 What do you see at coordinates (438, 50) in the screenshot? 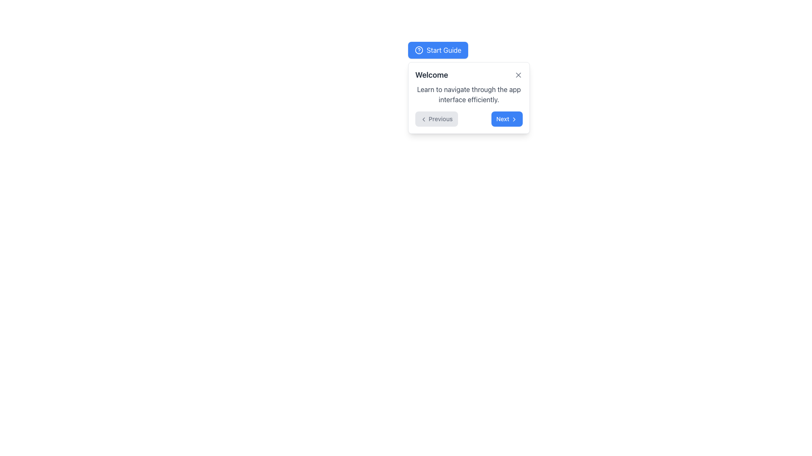
I see `the 'Start Guide' button with a blue background and question mark icon` at bounding box center [438, 50].